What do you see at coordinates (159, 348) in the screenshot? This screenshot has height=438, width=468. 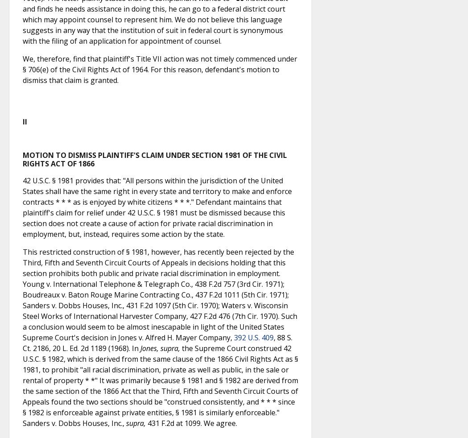 I see `'Jones, supra'` at bounding box center [159, 348].